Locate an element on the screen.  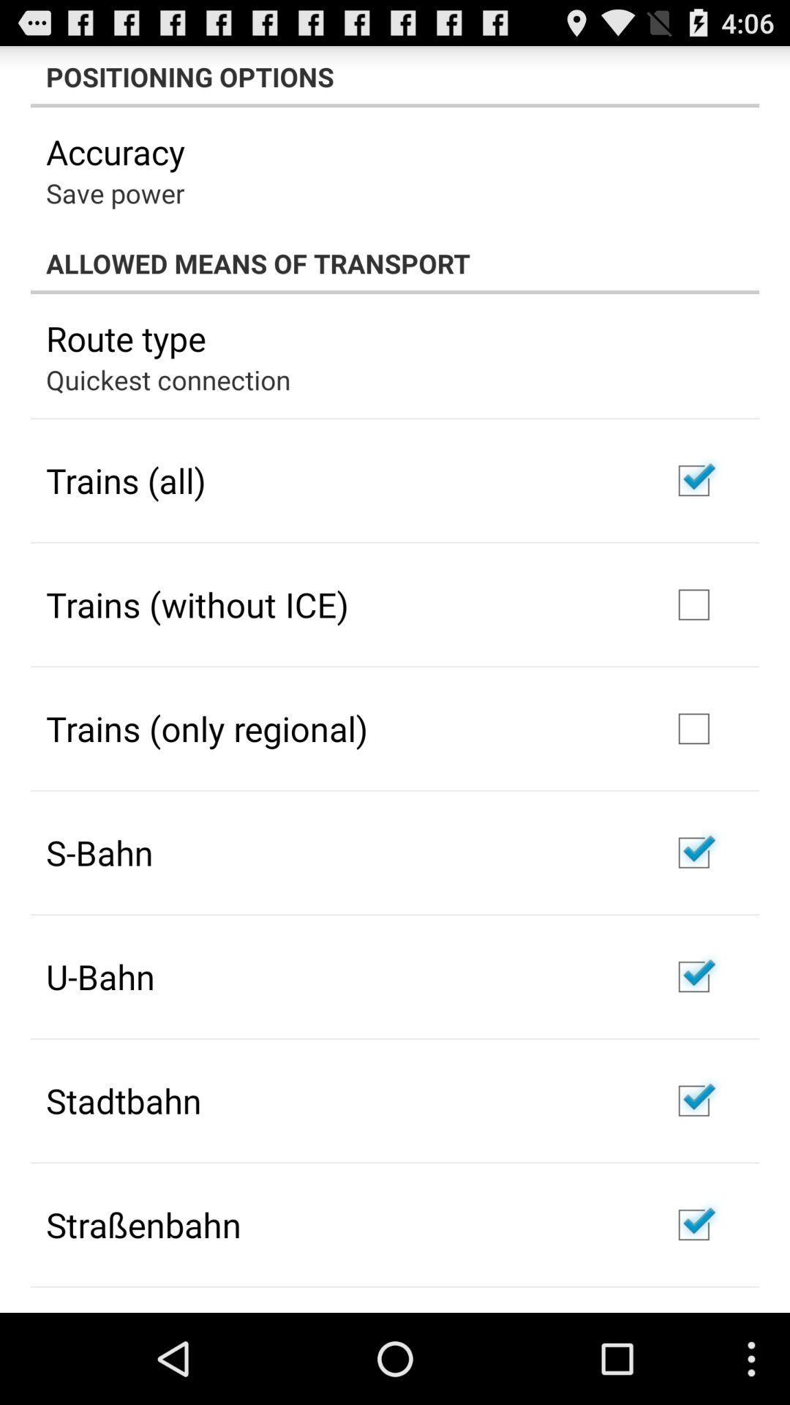
icon below trains (only regional) is located at coordinates (99, 853).